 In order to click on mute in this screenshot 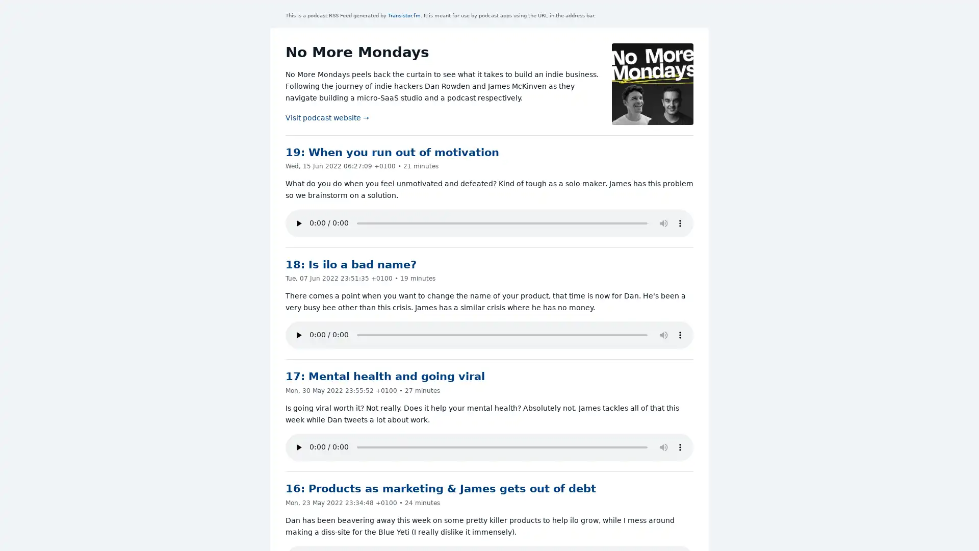, I will do `click(663, 446)`.